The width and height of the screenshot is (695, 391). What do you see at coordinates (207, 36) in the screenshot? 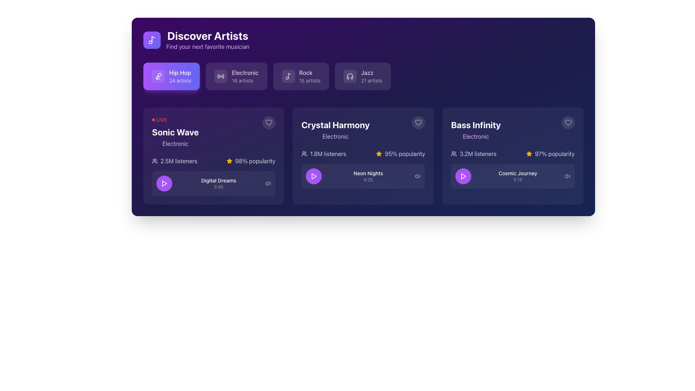
I see `the bold, large-sized white text label that reads 'Discover Artists', prominently displayed on a purple background near the top-left region of the interface` at bounding box center [207, 36].